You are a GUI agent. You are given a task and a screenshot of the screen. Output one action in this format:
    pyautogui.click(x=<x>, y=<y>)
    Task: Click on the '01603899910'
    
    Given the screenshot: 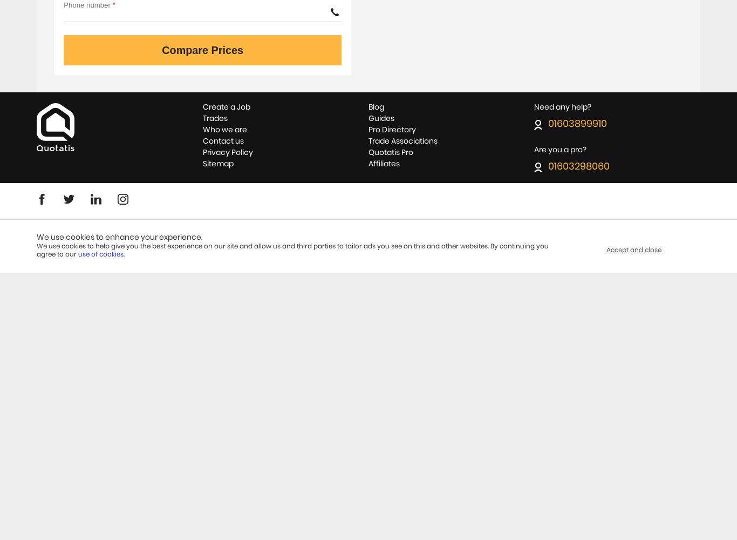 What is the action you would take?
    pyautogui.click(x=548, y=123)
    